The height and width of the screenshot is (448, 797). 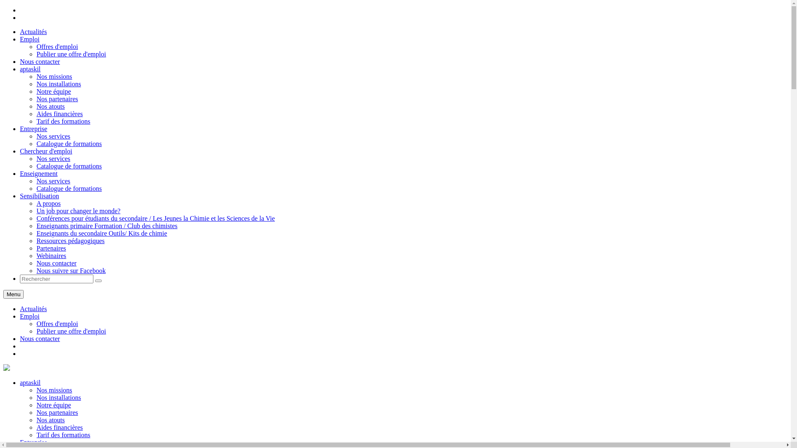 What do you see at coordinates (30, 68) in the screenshot?
I see `'aptaskil'` at bounding box center [30, 68].